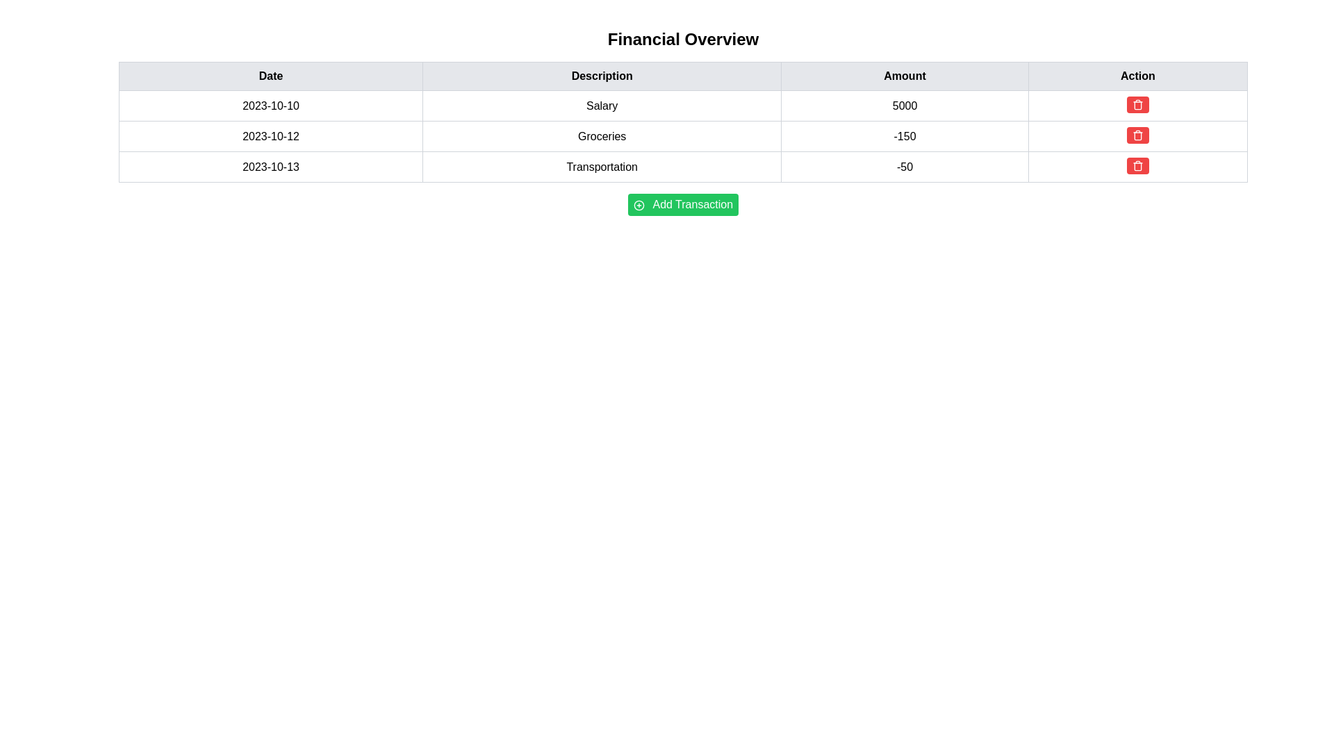  Describe the element at coordinates (1137, 136) in the screenshot. I see `the red rectangular button with a trash bin icon located in the 'Action' column of the financial overview table for the 'Groceries' entry dated '2023-10-12'` at that location.